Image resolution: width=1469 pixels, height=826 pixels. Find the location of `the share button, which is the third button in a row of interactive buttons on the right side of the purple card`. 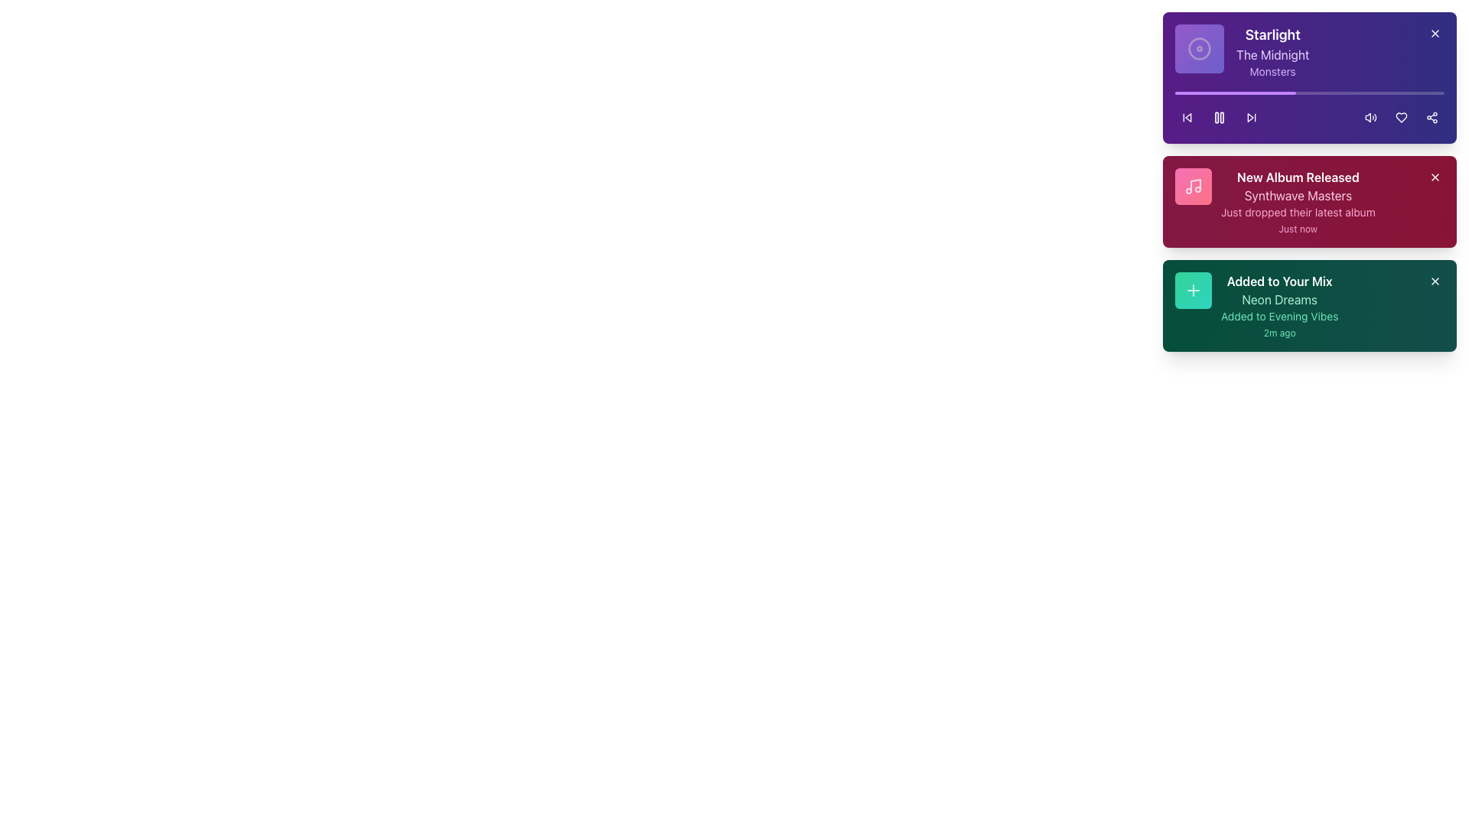

the share button, which is the third button in a row of interactive buttons on the right side of the purple card is located at coordinates (1432, 117).